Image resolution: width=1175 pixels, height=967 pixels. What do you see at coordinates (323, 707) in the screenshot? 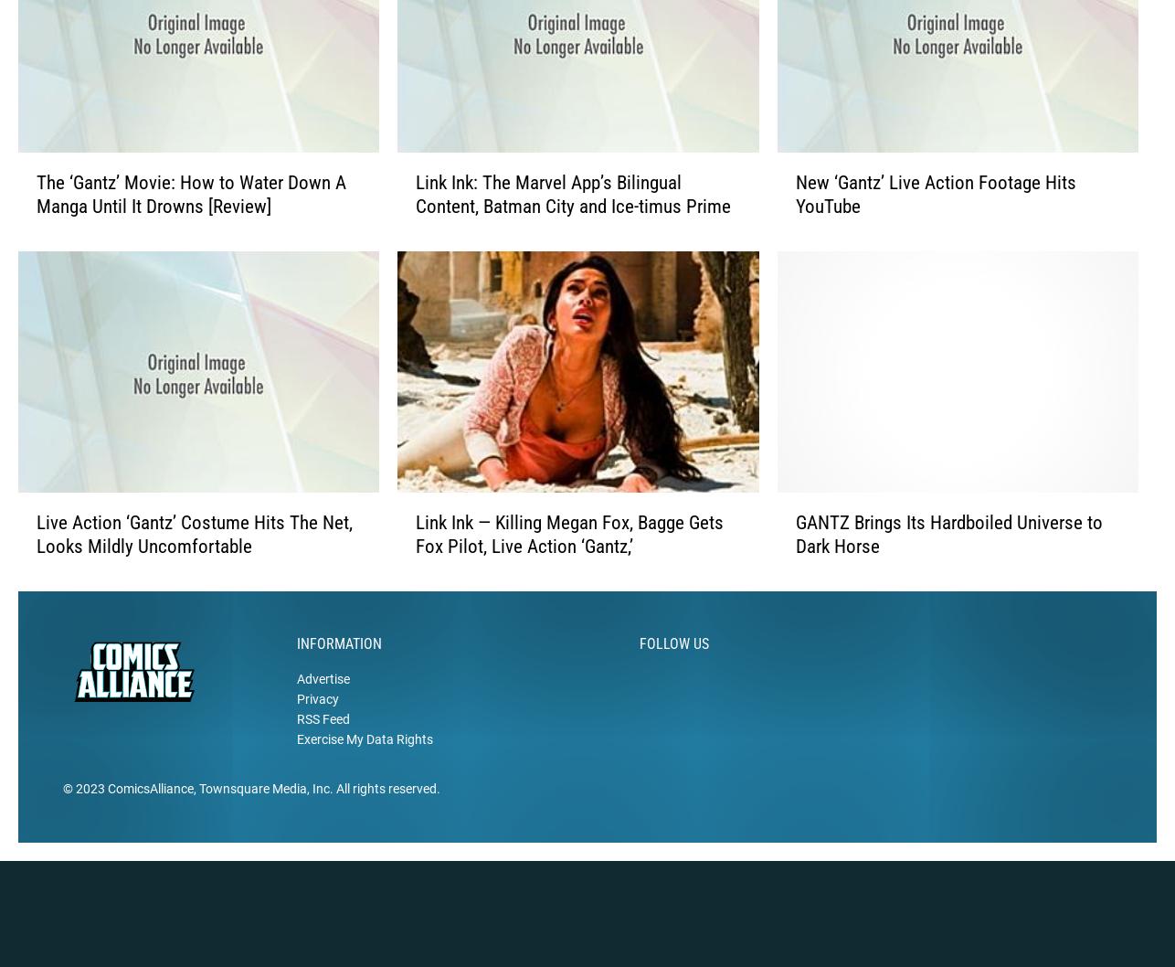
I see `'Advertise'` at bounding box center [323, 707].